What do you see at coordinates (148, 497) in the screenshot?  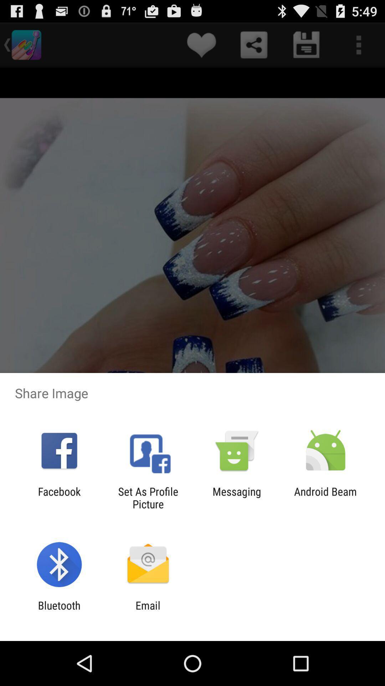 I see `app to the left of messaging` at bounding box center [148, 497].